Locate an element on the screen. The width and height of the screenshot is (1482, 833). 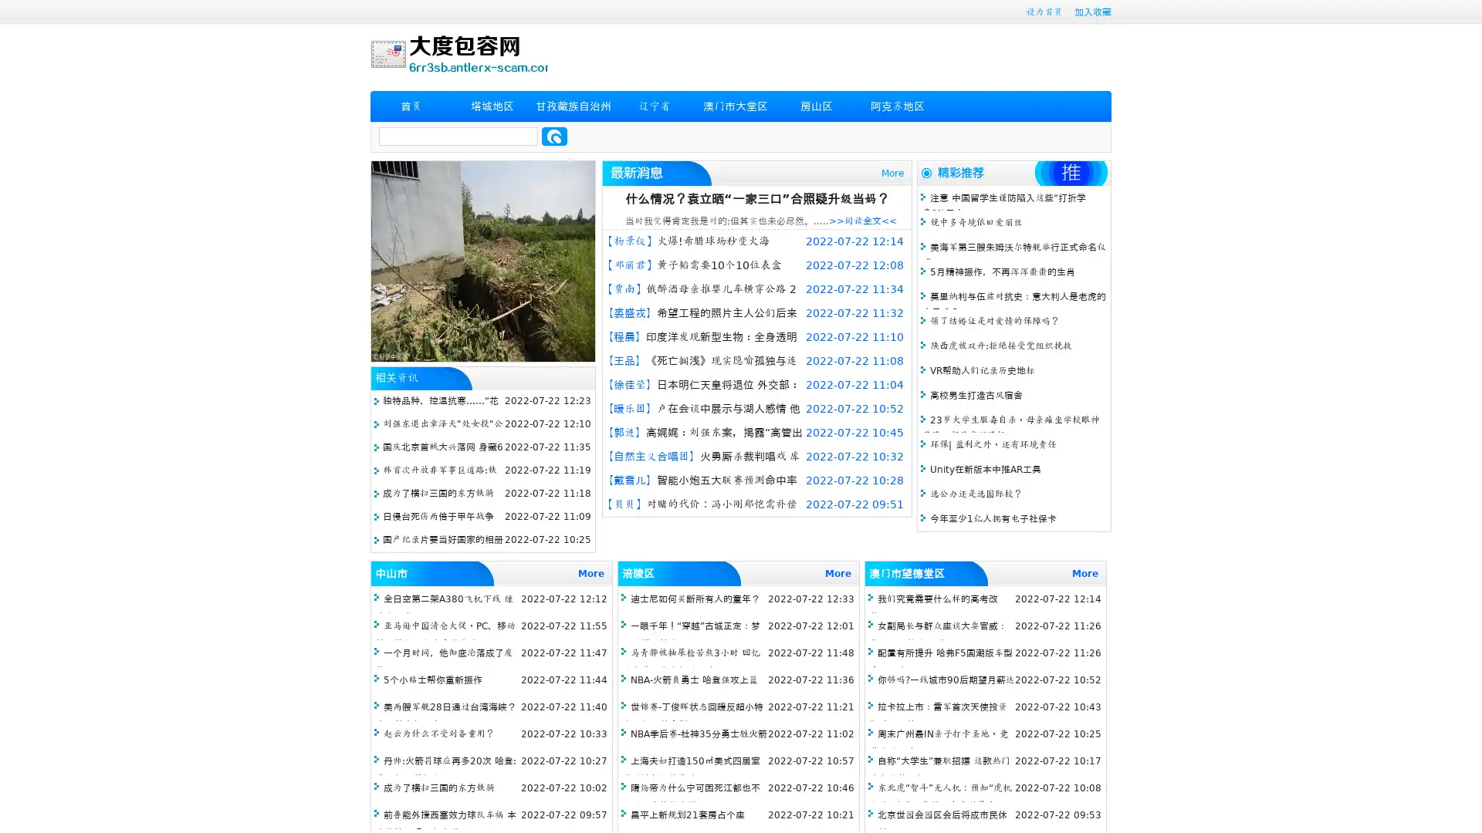
Search is located at coordinates (554, 136).